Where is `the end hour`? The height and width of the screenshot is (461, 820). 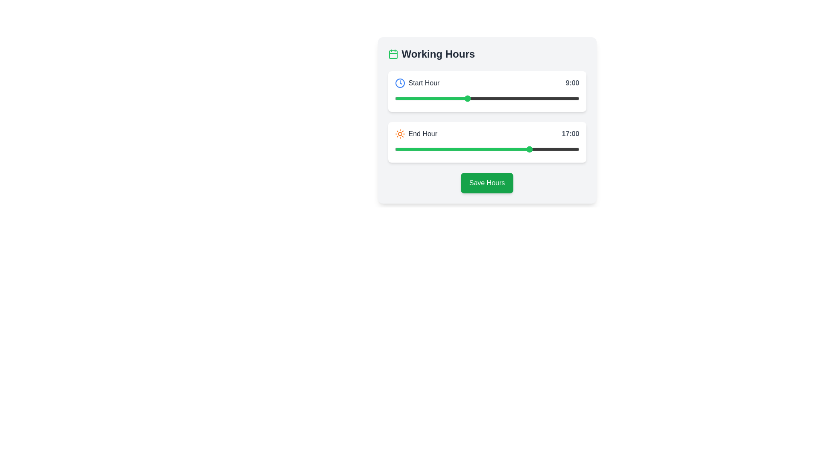 the end hour is located at coordinates (539, 149).